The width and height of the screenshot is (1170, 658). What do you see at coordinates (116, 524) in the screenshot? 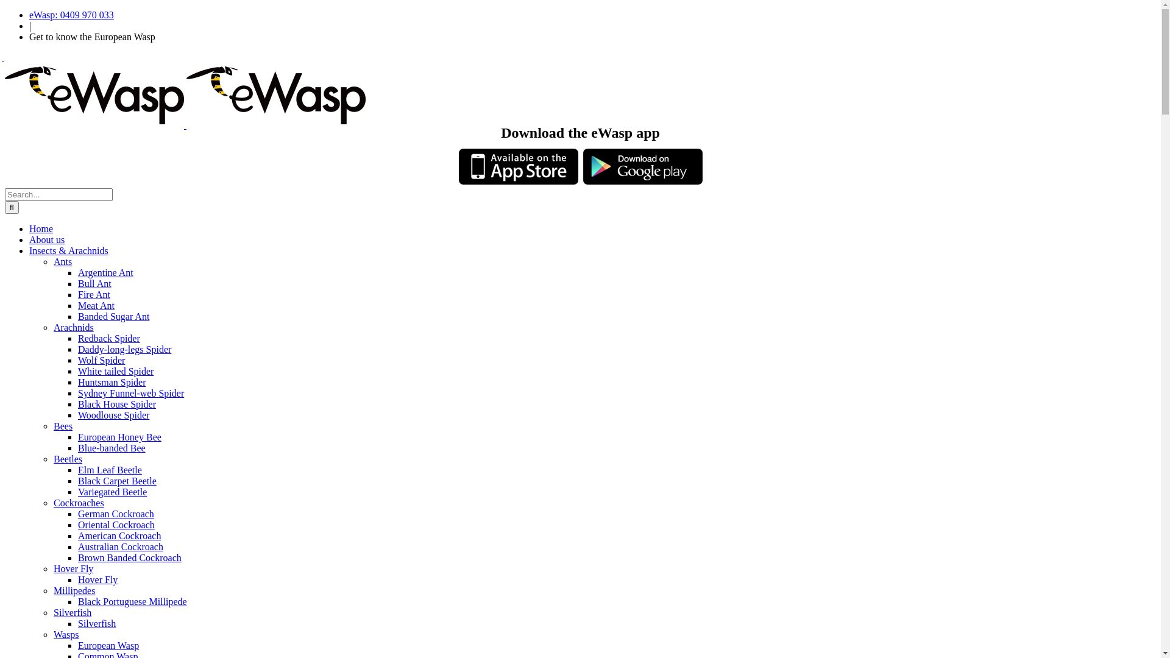
I see `'Oriental Cockroach'` at bounding box center [116, 524].